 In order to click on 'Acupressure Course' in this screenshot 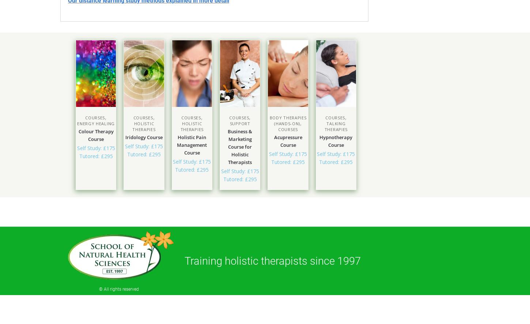, I will do `click(288, 140)`.